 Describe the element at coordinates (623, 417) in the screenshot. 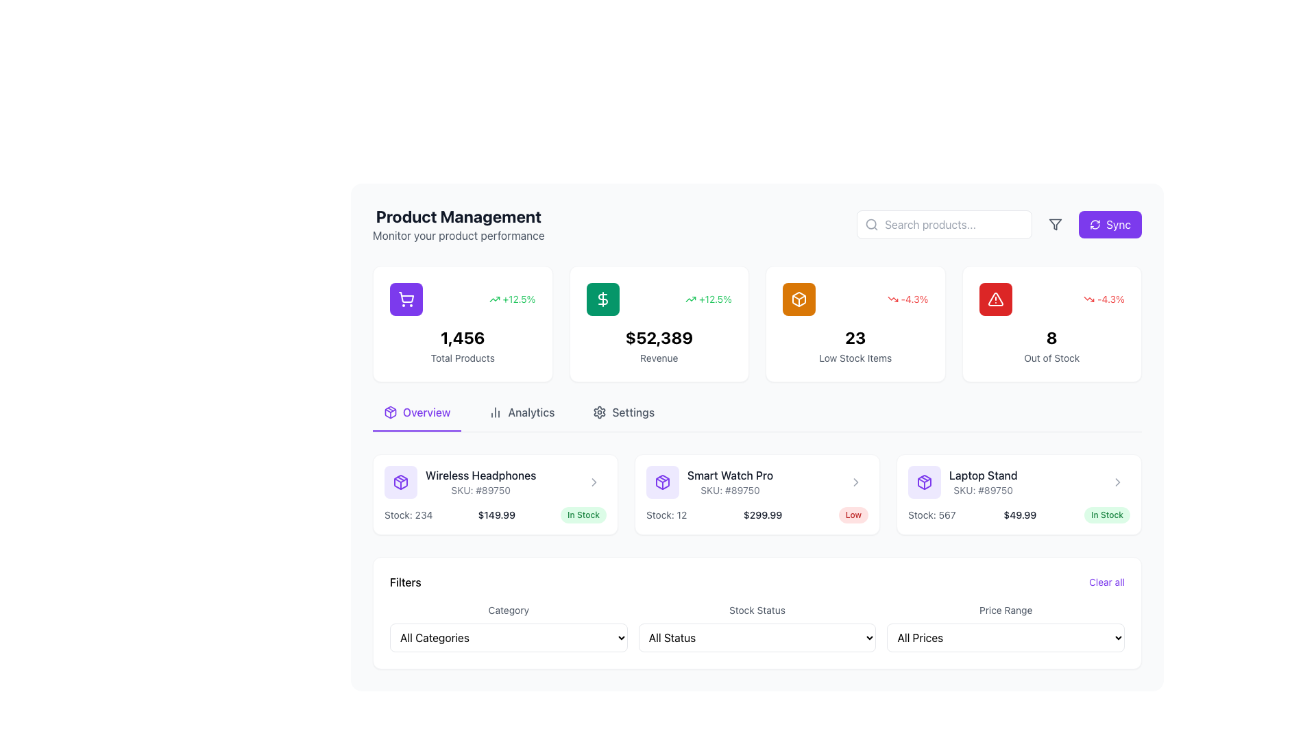

I see `the 'Settings' navigation option which features a gear icon and gray text` at that location.